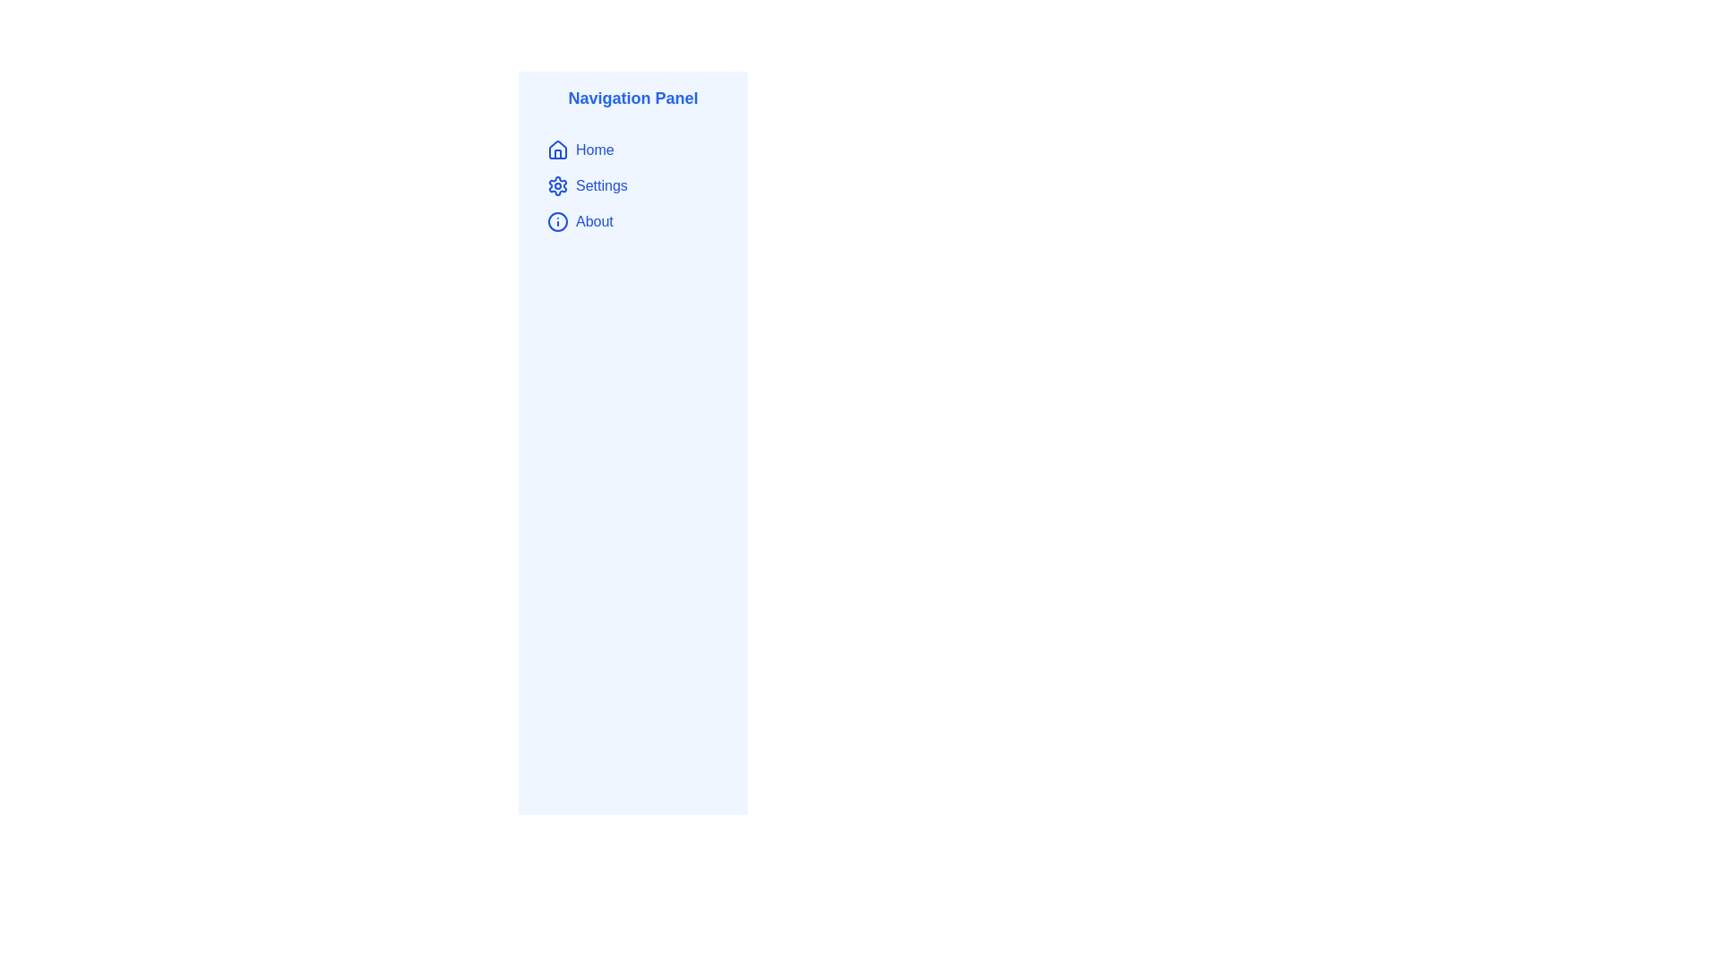  I want to click on the Home icon located at the top of the navigation panel, so click(557, 150).